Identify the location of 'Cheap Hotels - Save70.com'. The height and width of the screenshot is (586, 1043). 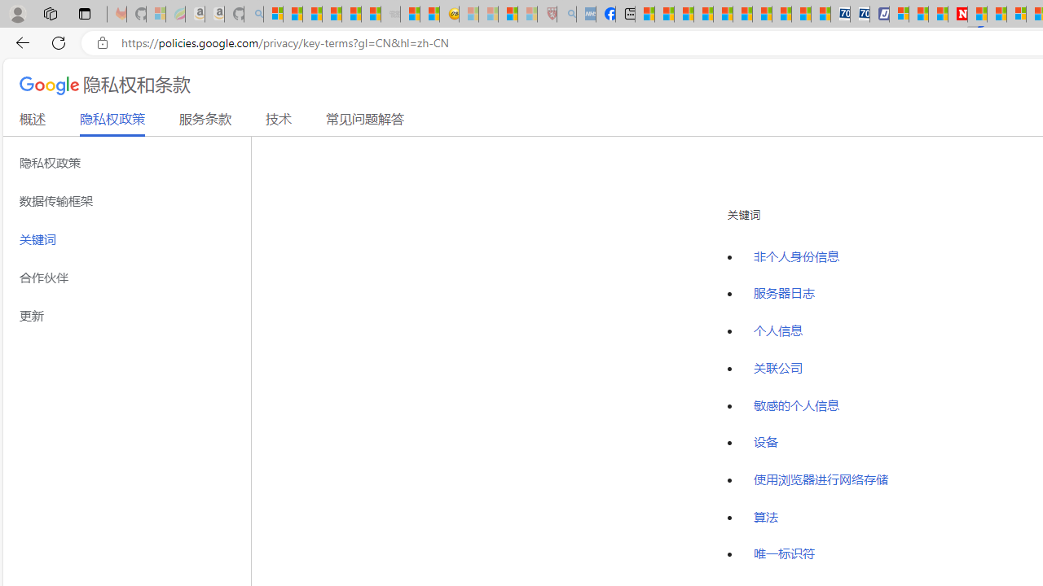
(860, 14).